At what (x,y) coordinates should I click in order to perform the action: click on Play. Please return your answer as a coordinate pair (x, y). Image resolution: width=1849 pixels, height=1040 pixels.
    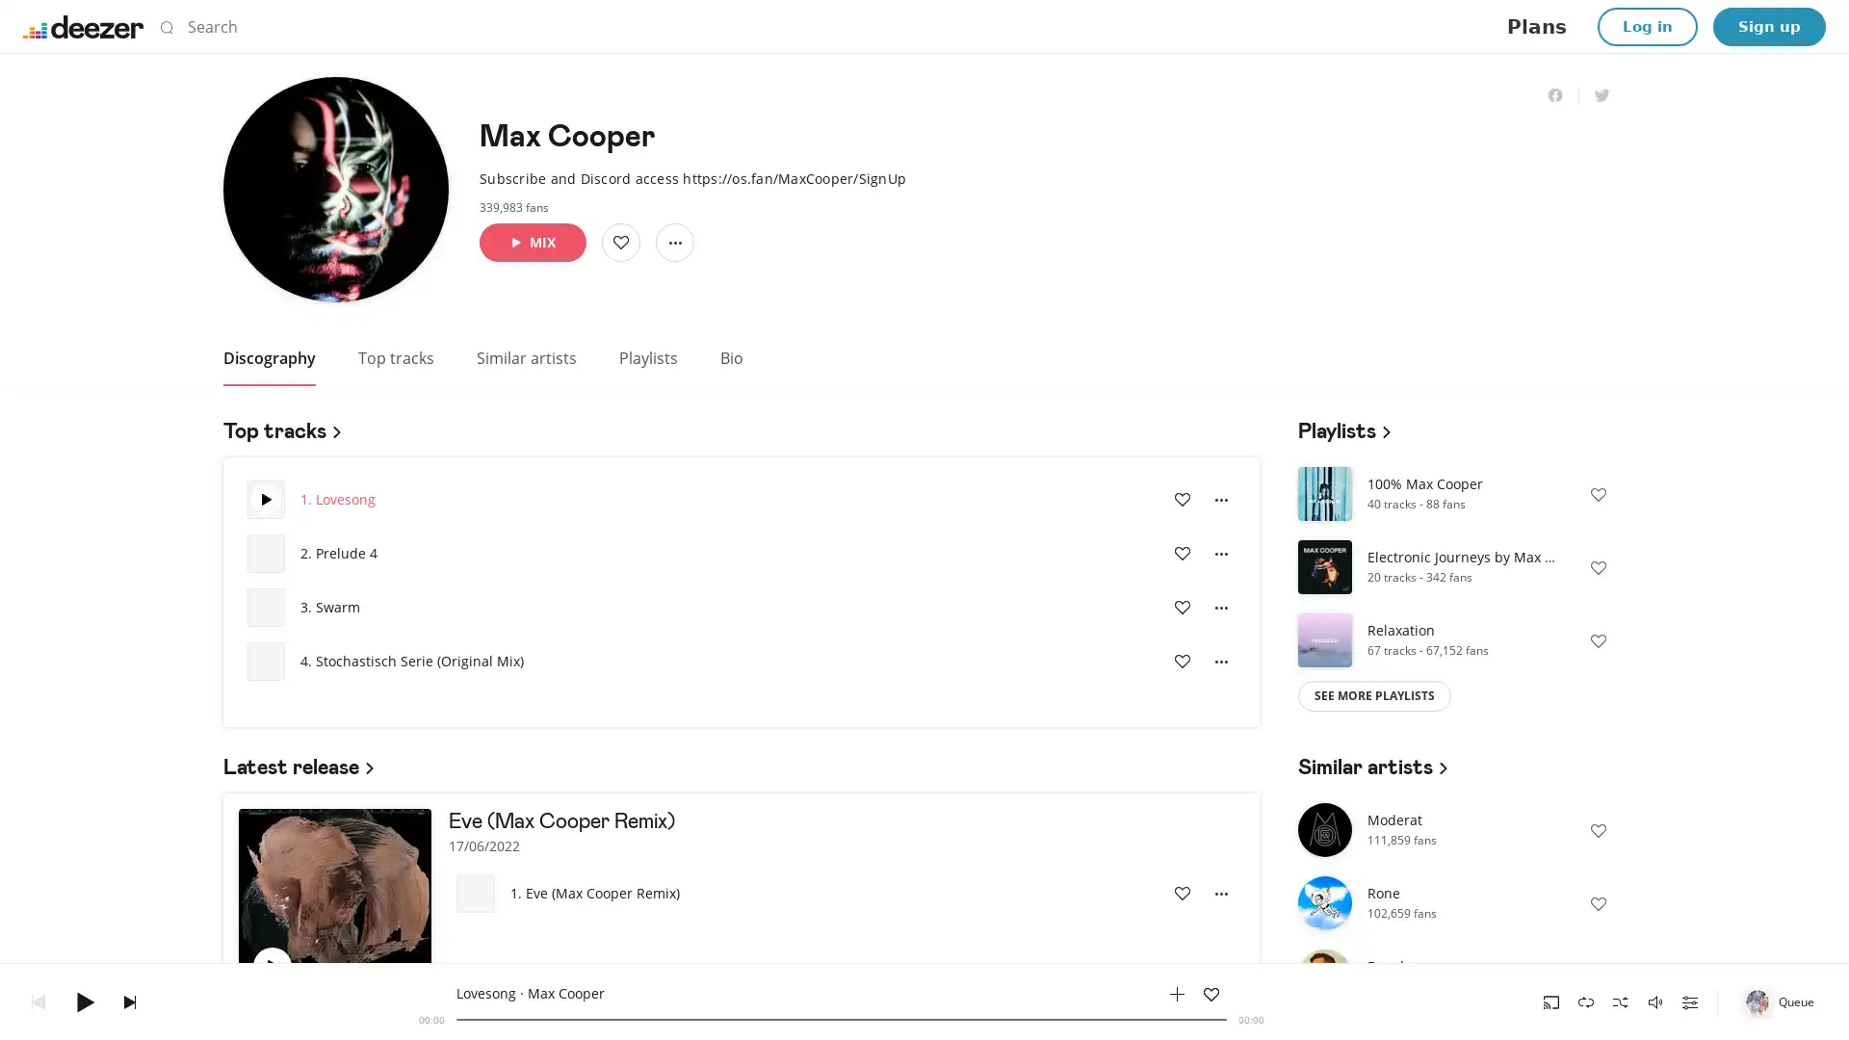
    Looking at the image, I should click on (83, 1001).